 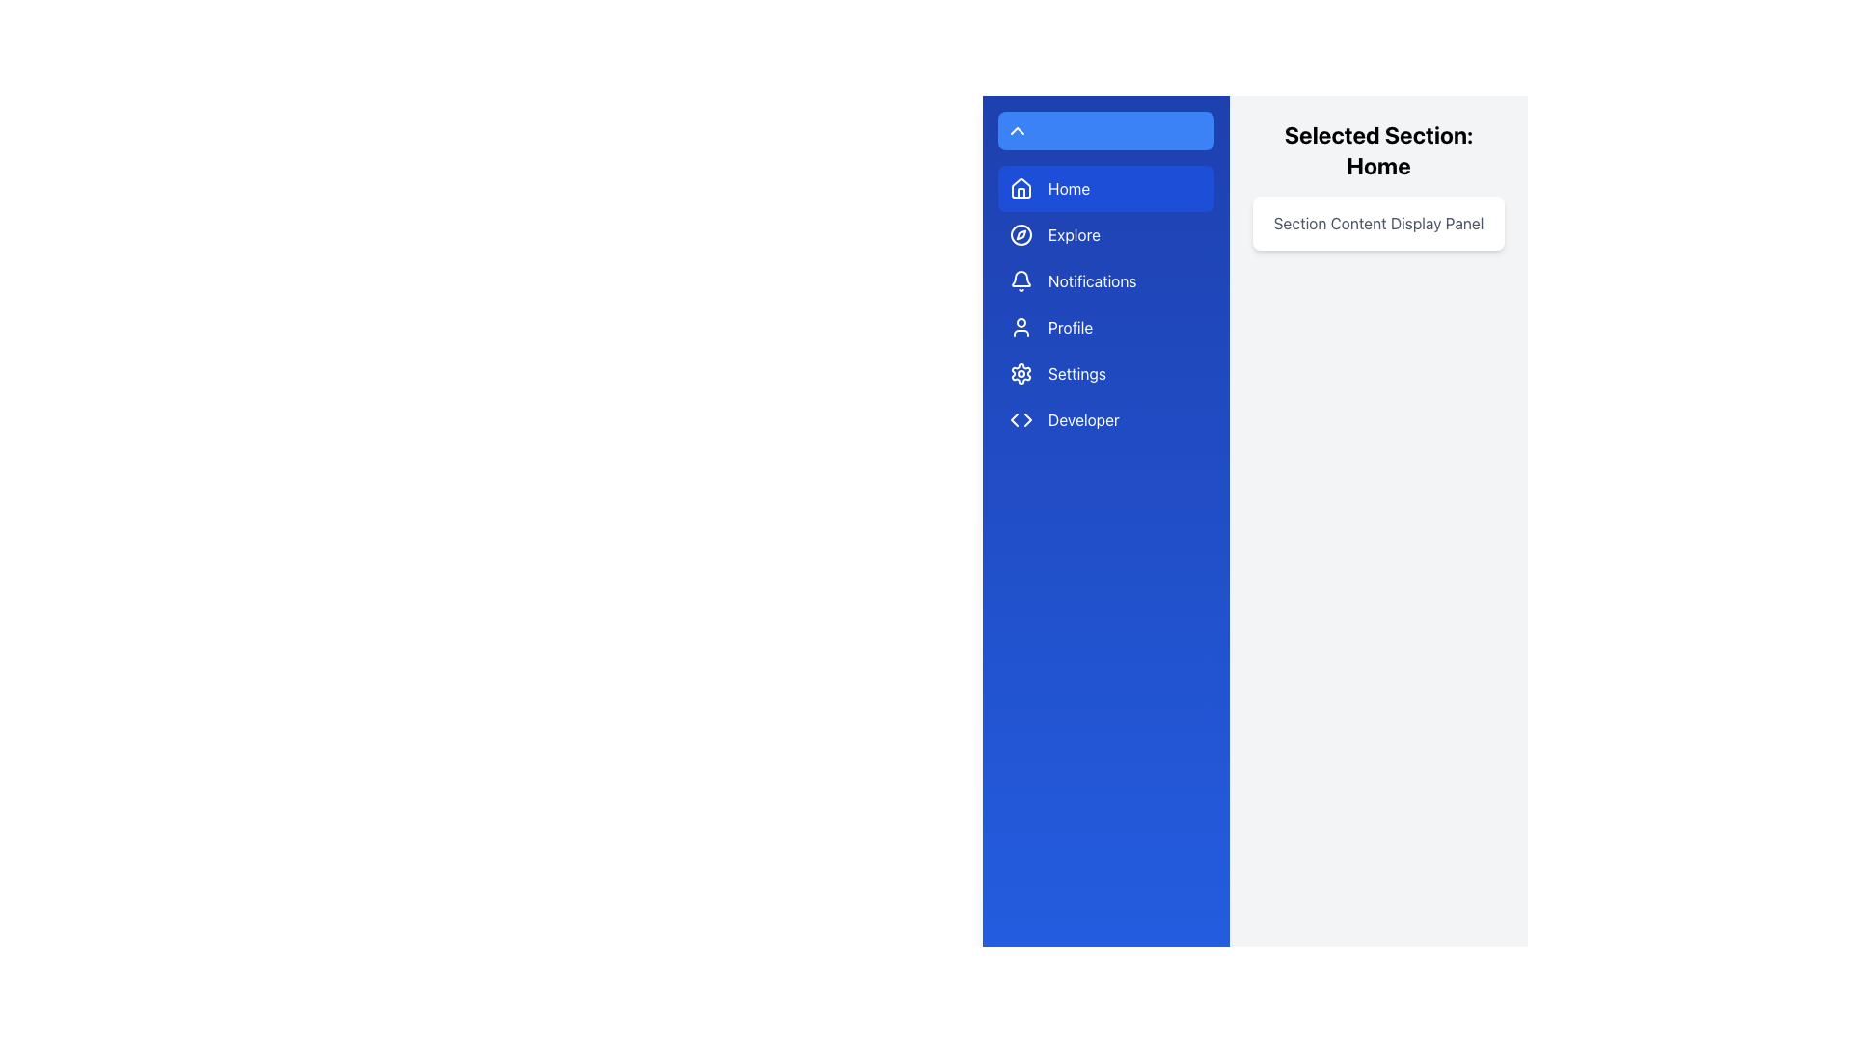 I want to click on the 'Settings' text label, which is styled in white font color on a blue background and is located to the right of a gear icon in the vertical navigation list, so click(x=1076, y=374).